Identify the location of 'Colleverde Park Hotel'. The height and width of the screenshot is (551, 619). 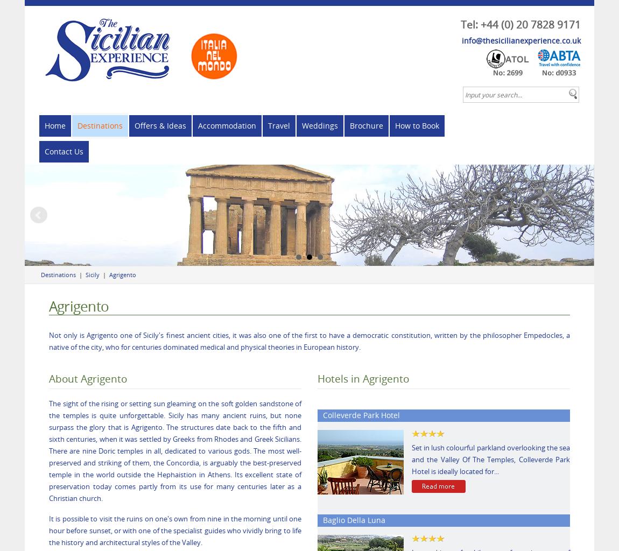
(361, 415).